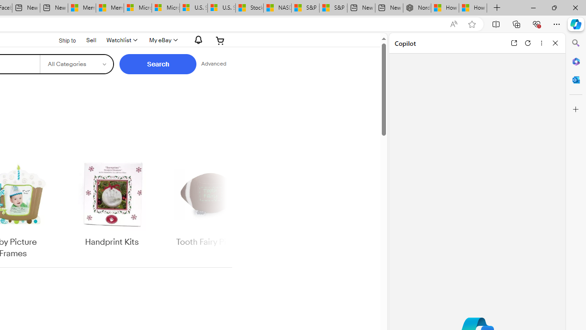 The height and width of the screenshot is (330, 586). I want to click on 'Handprint Kits', so click(111, 203).